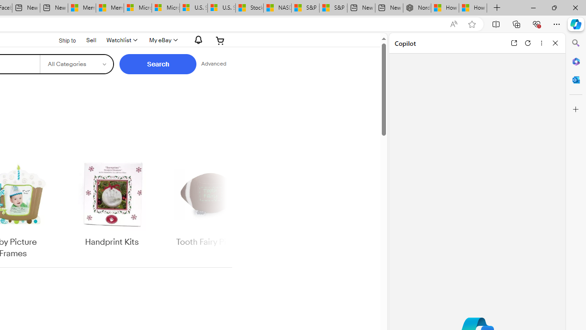 The height and width of the screenshot is (330, 586). I want to click on 'Handprint Kits', so click(111, 203).